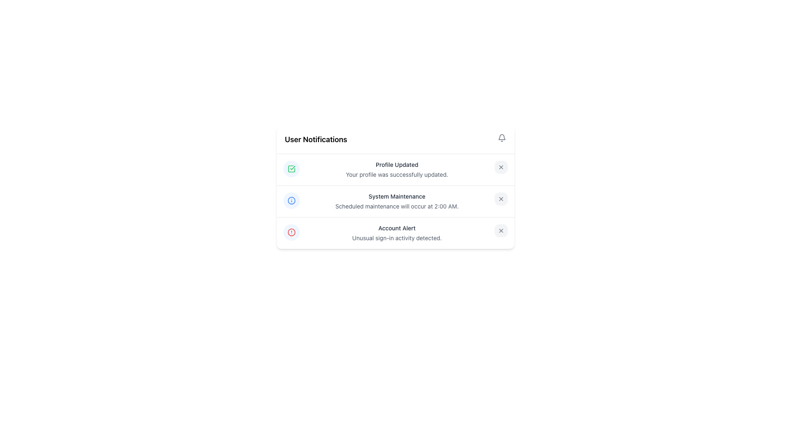  I want to click on the button with an 'X' icon located at the far-right end of the 'Account Alert' notification panel to observe its hover effects, so click(500, 230).